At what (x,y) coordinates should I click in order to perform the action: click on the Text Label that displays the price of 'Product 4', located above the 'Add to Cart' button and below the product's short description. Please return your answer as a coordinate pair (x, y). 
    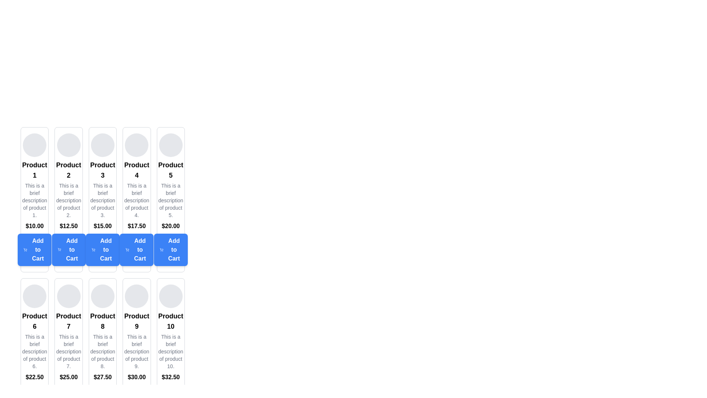
    Looking at the image, I should click on (137, 226).